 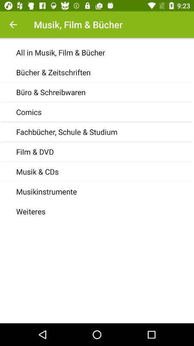 I want to click on film & dvd, so click(x=105, y=152).